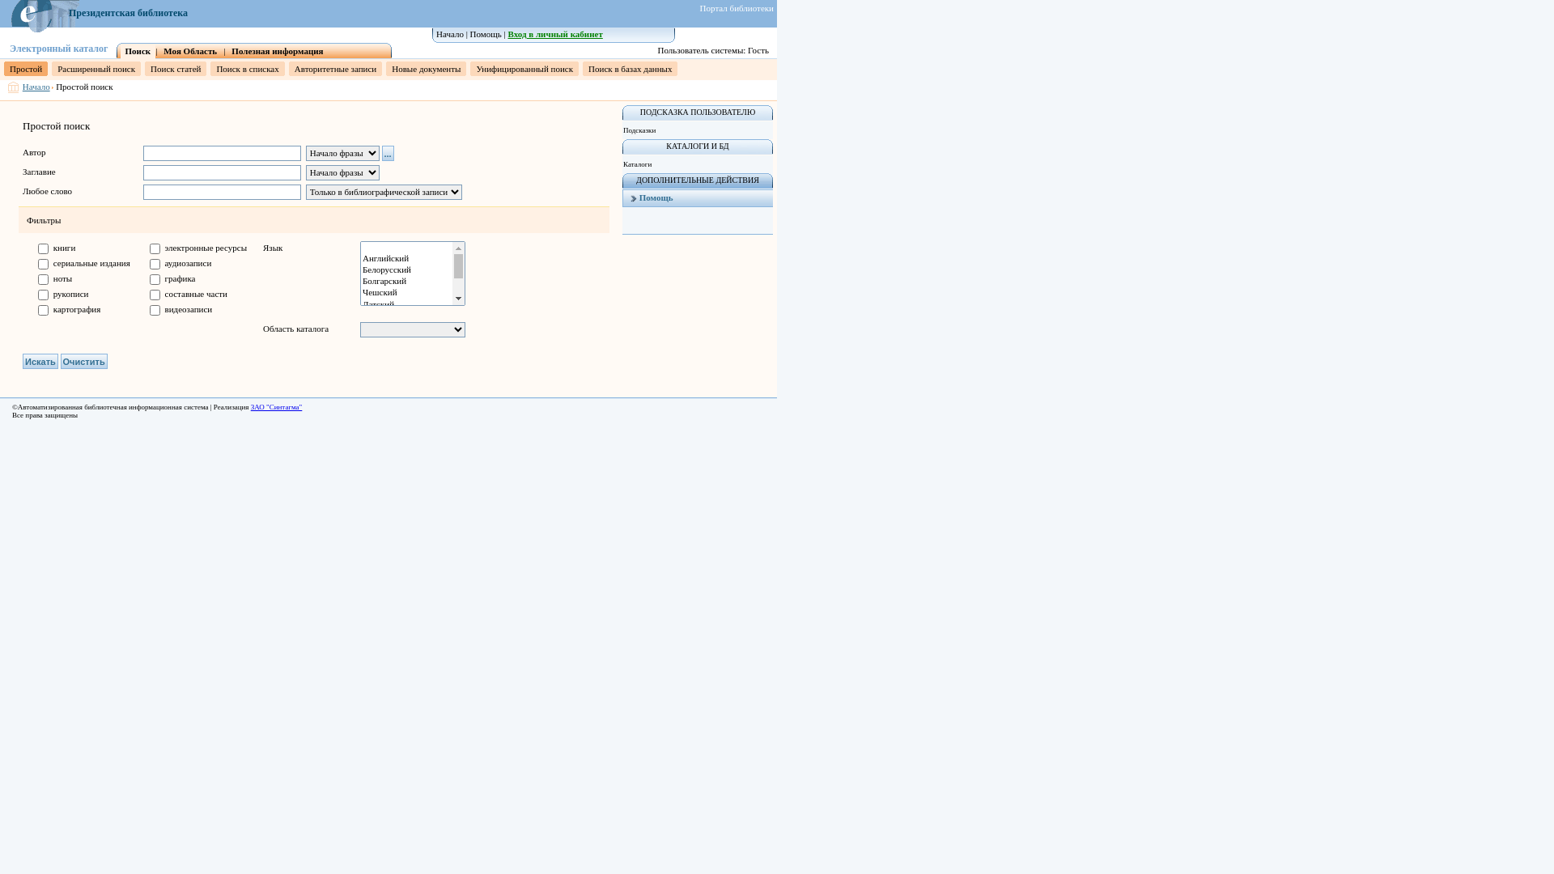  Describe the element at coordinates (632, 196) in the screenshot. I see `'Help'` at that location.